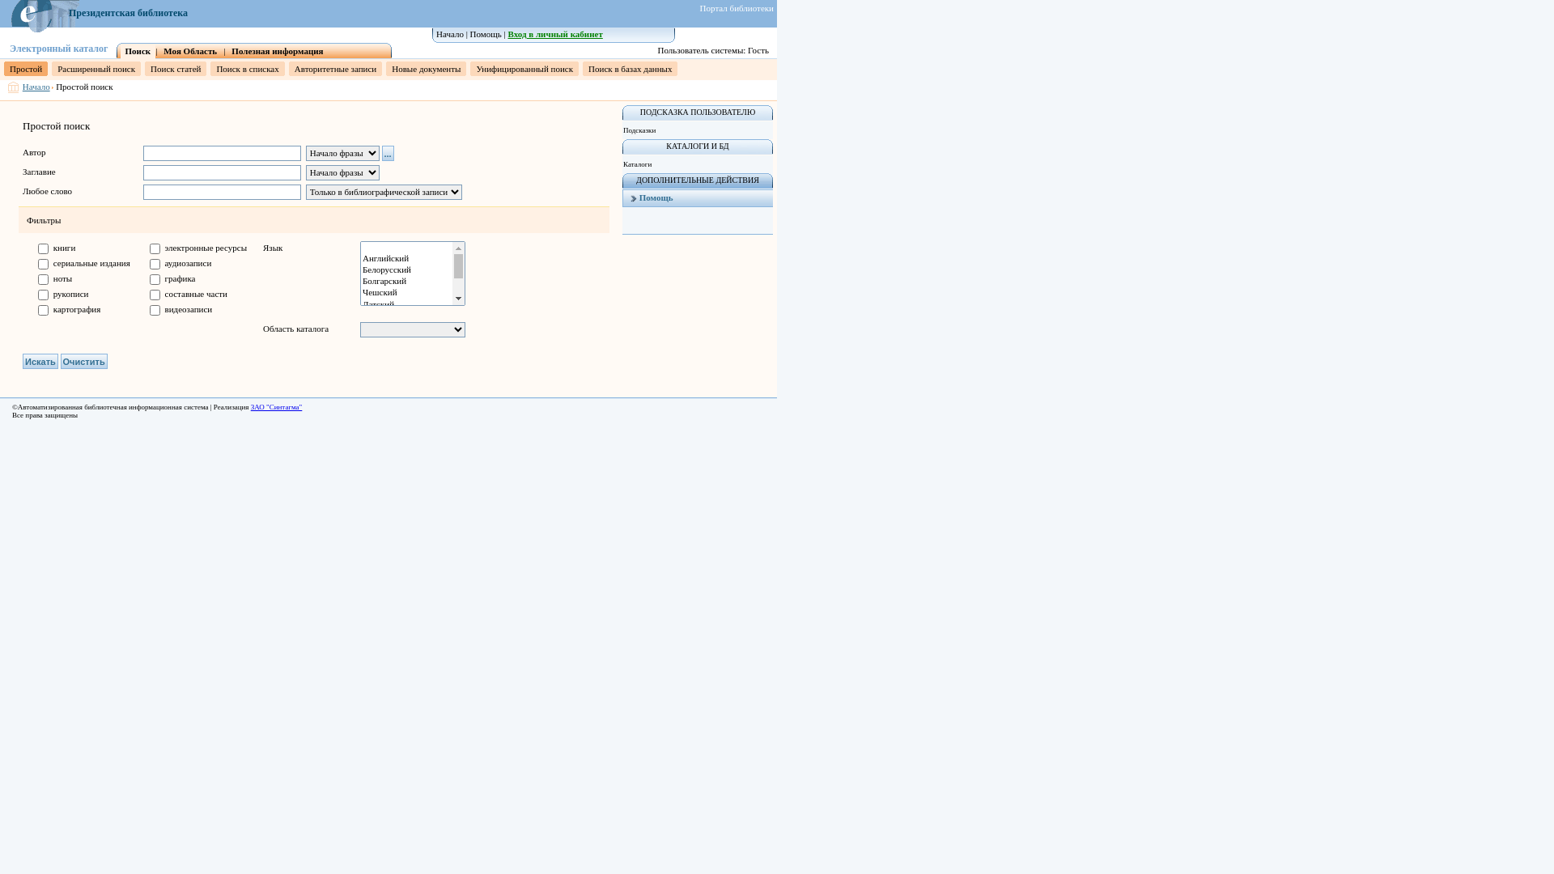  Describe the element at coordinates (632, 196) in the screenshot. I see `'Help'` at that location.